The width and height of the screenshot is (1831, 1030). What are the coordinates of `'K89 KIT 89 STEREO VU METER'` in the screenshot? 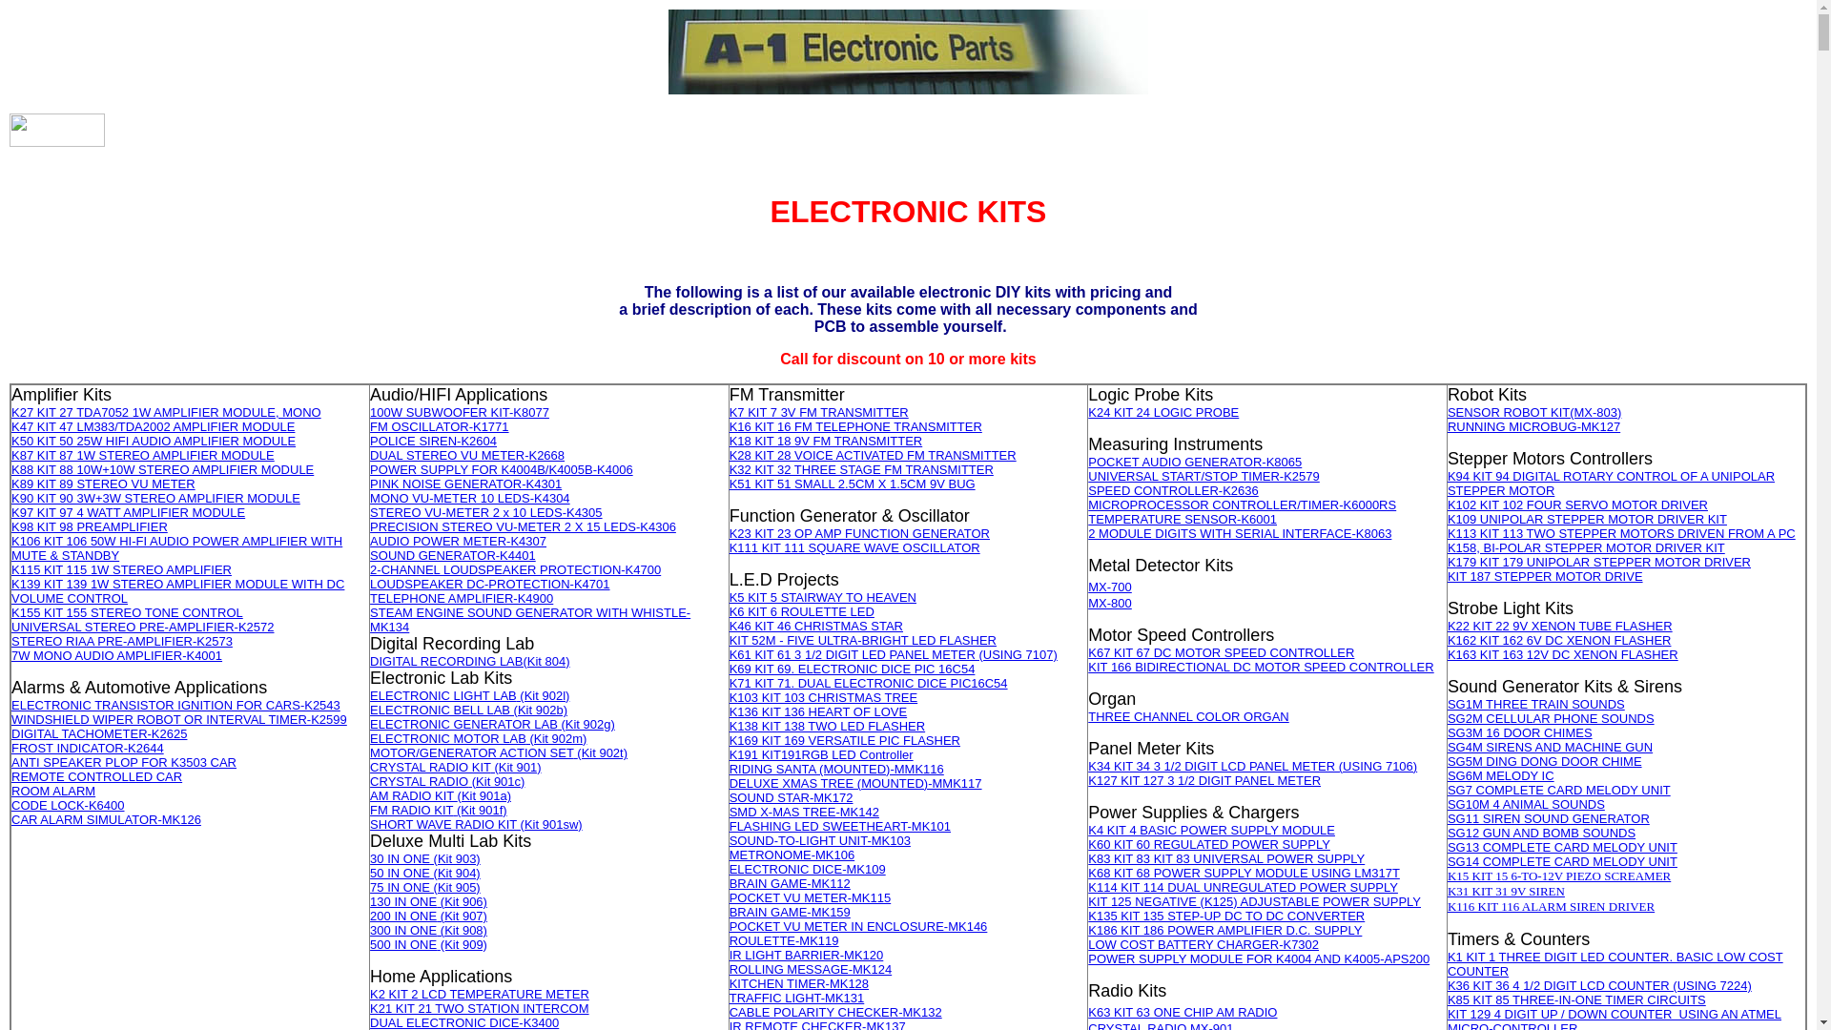 It's located at (102, 483).